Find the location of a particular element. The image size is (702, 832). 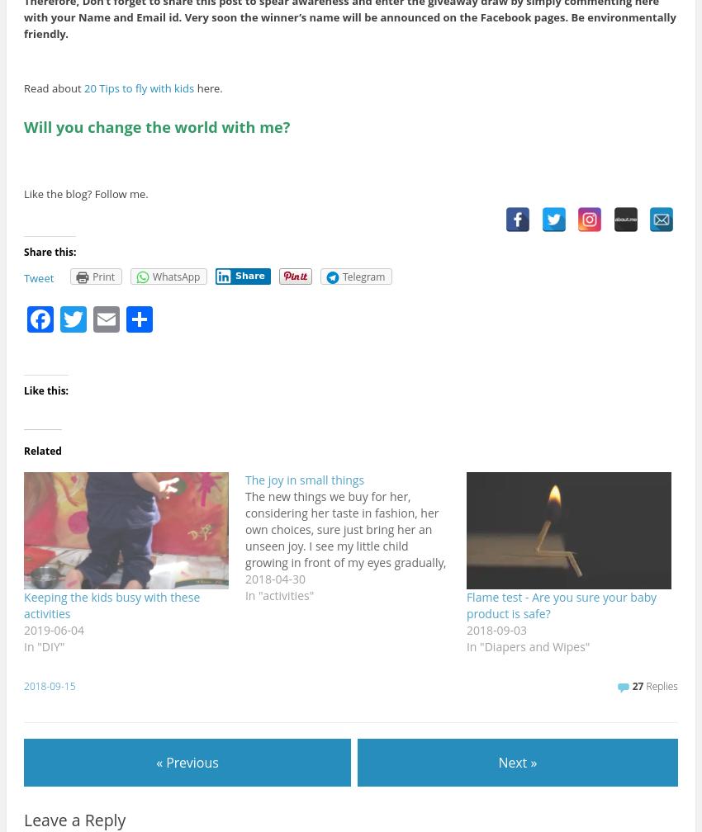

'Post navigation' is located at coordinates (61, 746).